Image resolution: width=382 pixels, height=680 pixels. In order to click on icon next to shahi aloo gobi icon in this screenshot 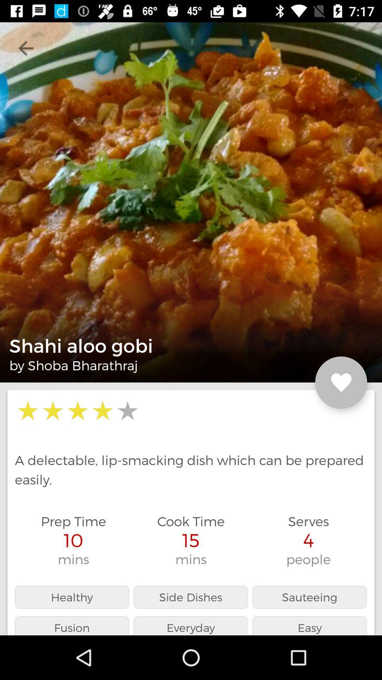, I will do `click(341, 382)`.